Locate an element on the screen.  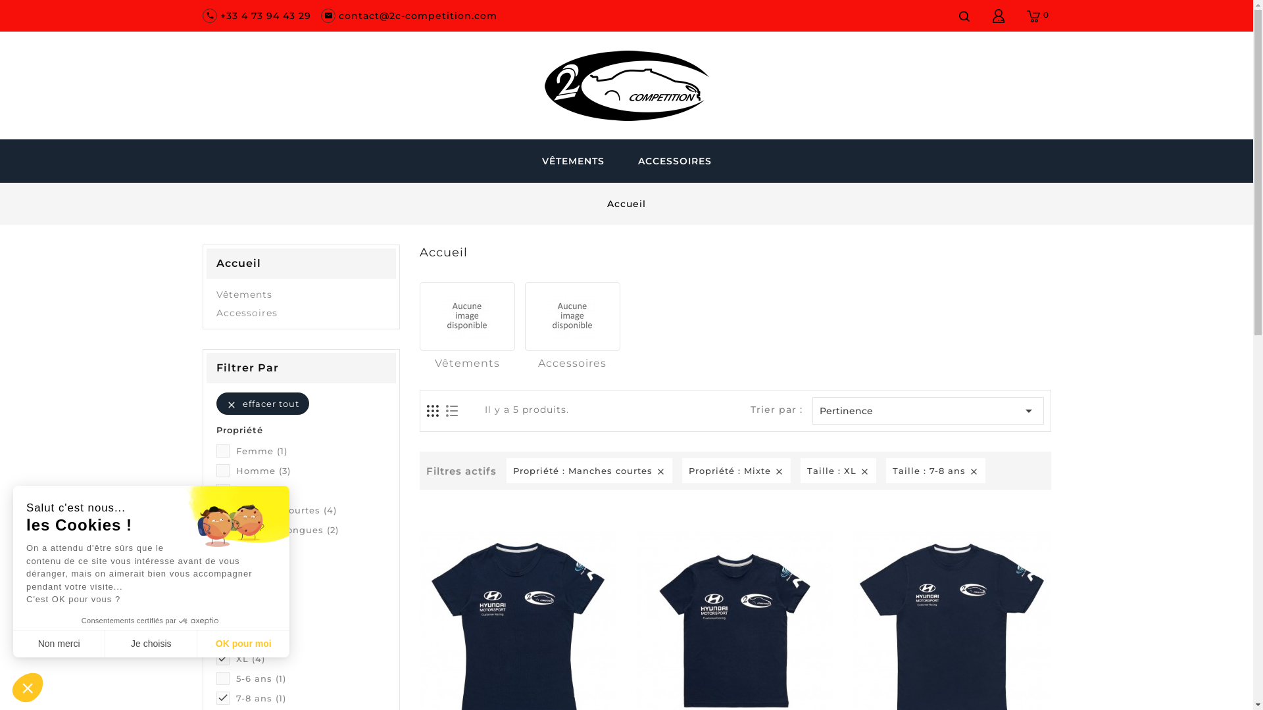
'Accueil' is located at coordinates (300, 264).